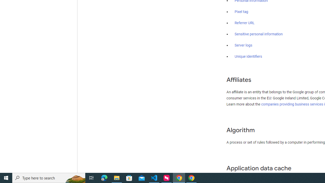  Describe the element at coordinates (243, 45) in the screenshot. I see `'Server logs'` at that location.